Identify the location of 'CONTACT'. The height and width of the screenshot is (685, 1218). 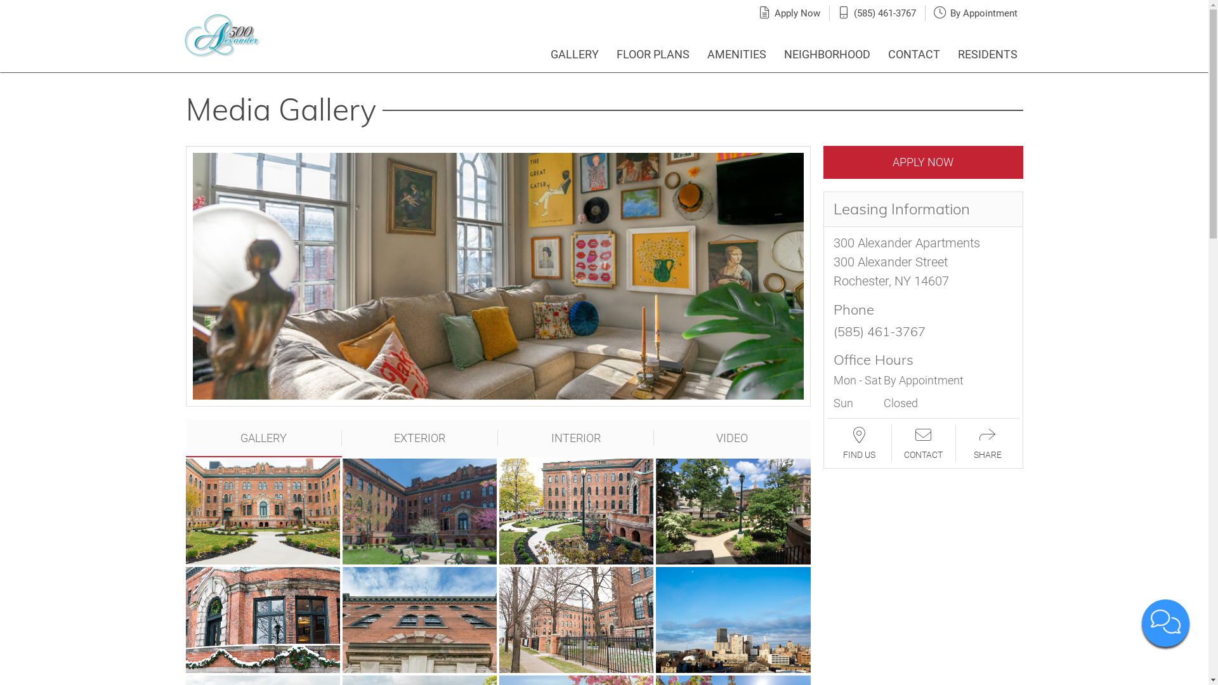
(923, 443).